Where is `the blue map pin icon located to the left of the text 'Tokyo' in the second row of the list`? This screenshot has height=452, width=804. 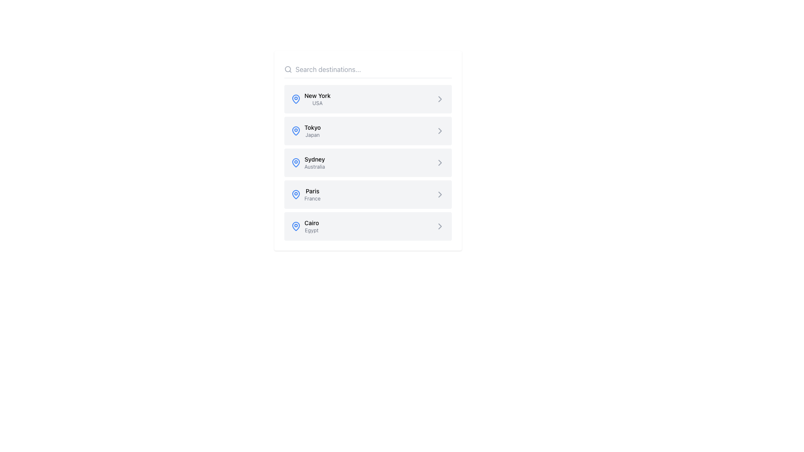 the blue map pin icon located to the left of the text 'Tokyo' in the second row of the list is located at coordinates (296, 131).